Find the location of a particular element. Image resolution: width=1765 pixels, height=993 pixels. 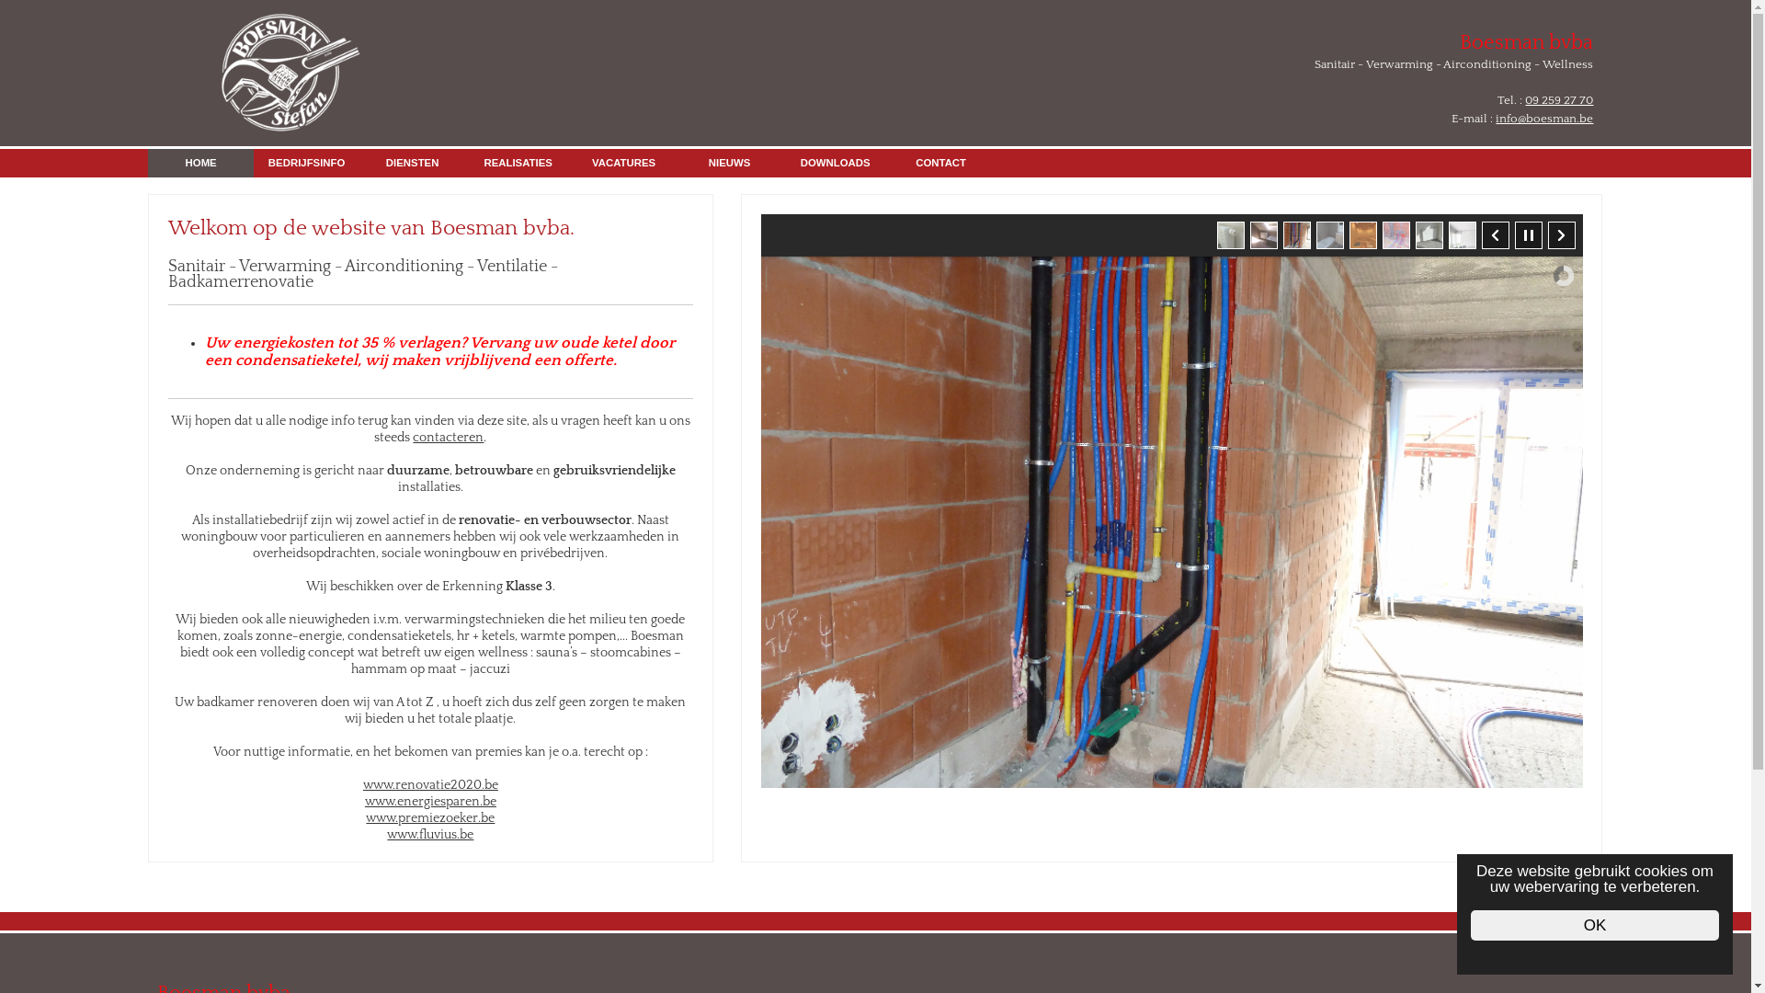

'09 259 27 70' is located at coordinates (1557, 99).